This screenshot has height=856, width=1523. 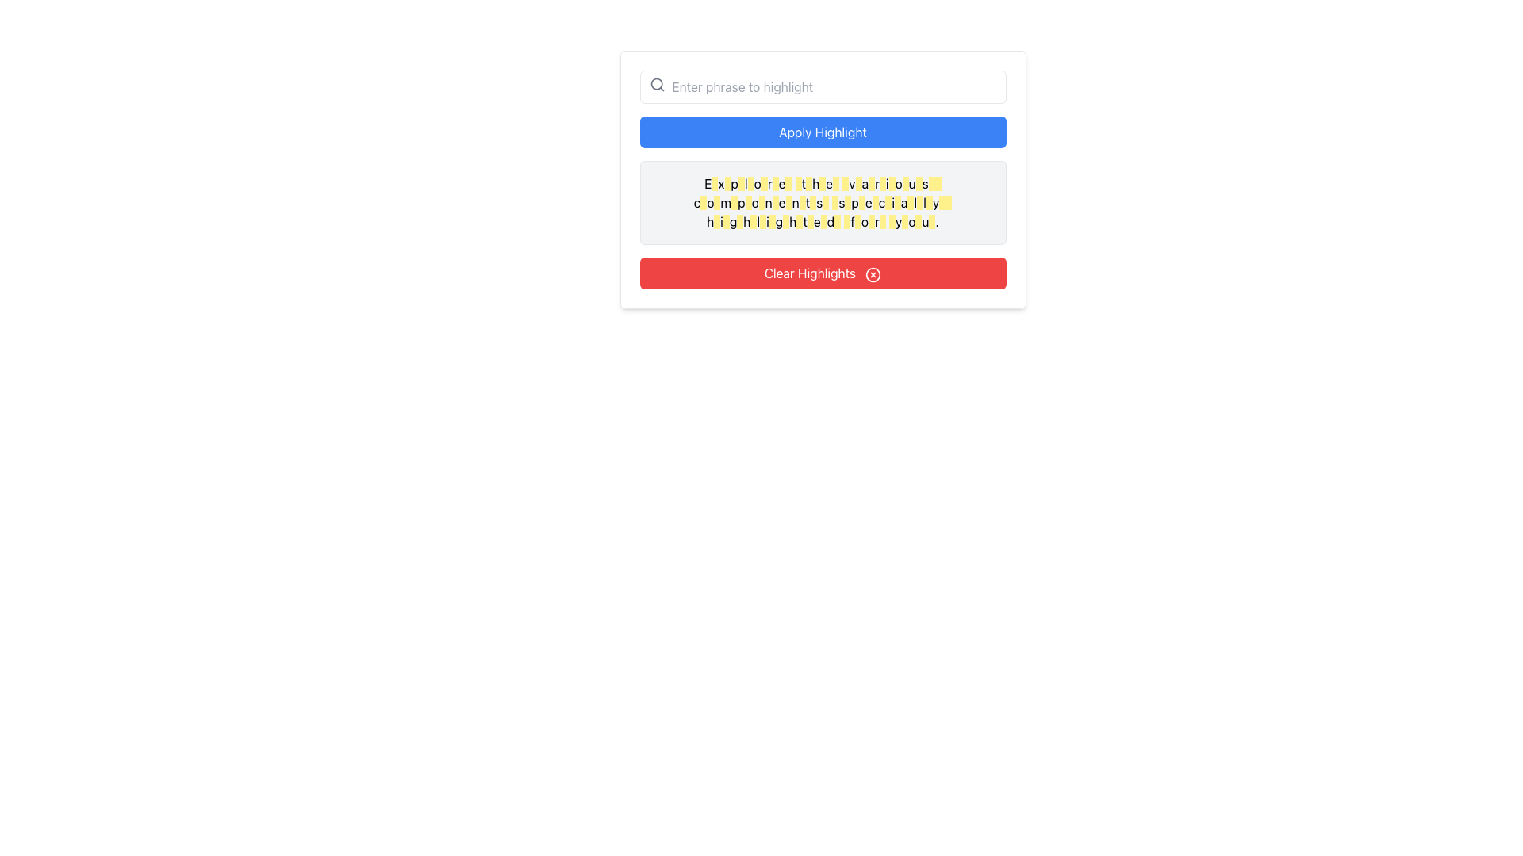 What do you see at coordinates (716, 222) in the screenshot?
I see `the 30th Static highlight block with a yellow background and yellow text, located within a group of similar elements under the text 'Explore the various components specially highlighted for you.'` at bounding box center [716, 222].